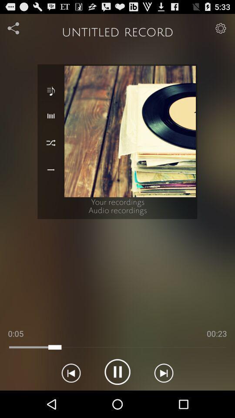 Image resolution: width=235 pixels, height=418 pixels. Describe the element at coordinates (221, 28) in the screenshot. I see `setting button` at that location.